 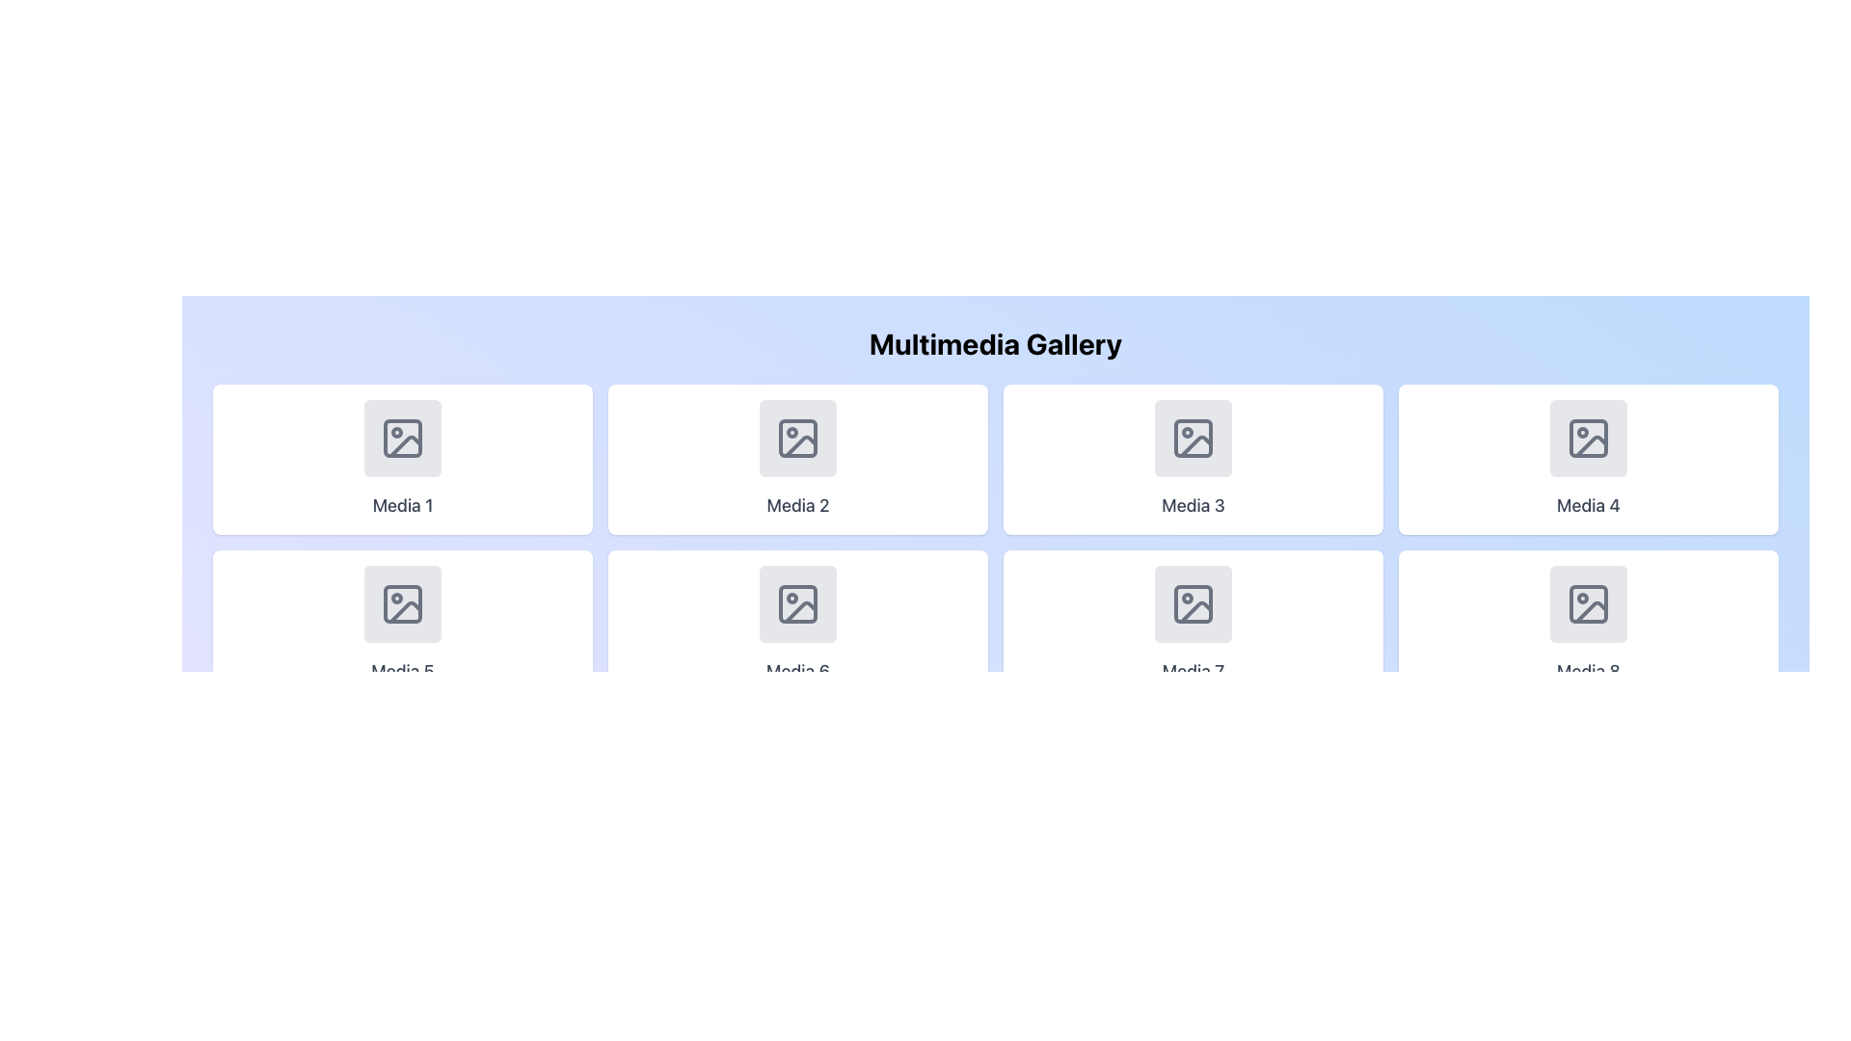 What do you see at coordinates (798, 504) in the screenshot?
I see `text label located below the gray media icon in the second box of the first row of the grid` at bounding box center [798, 504].